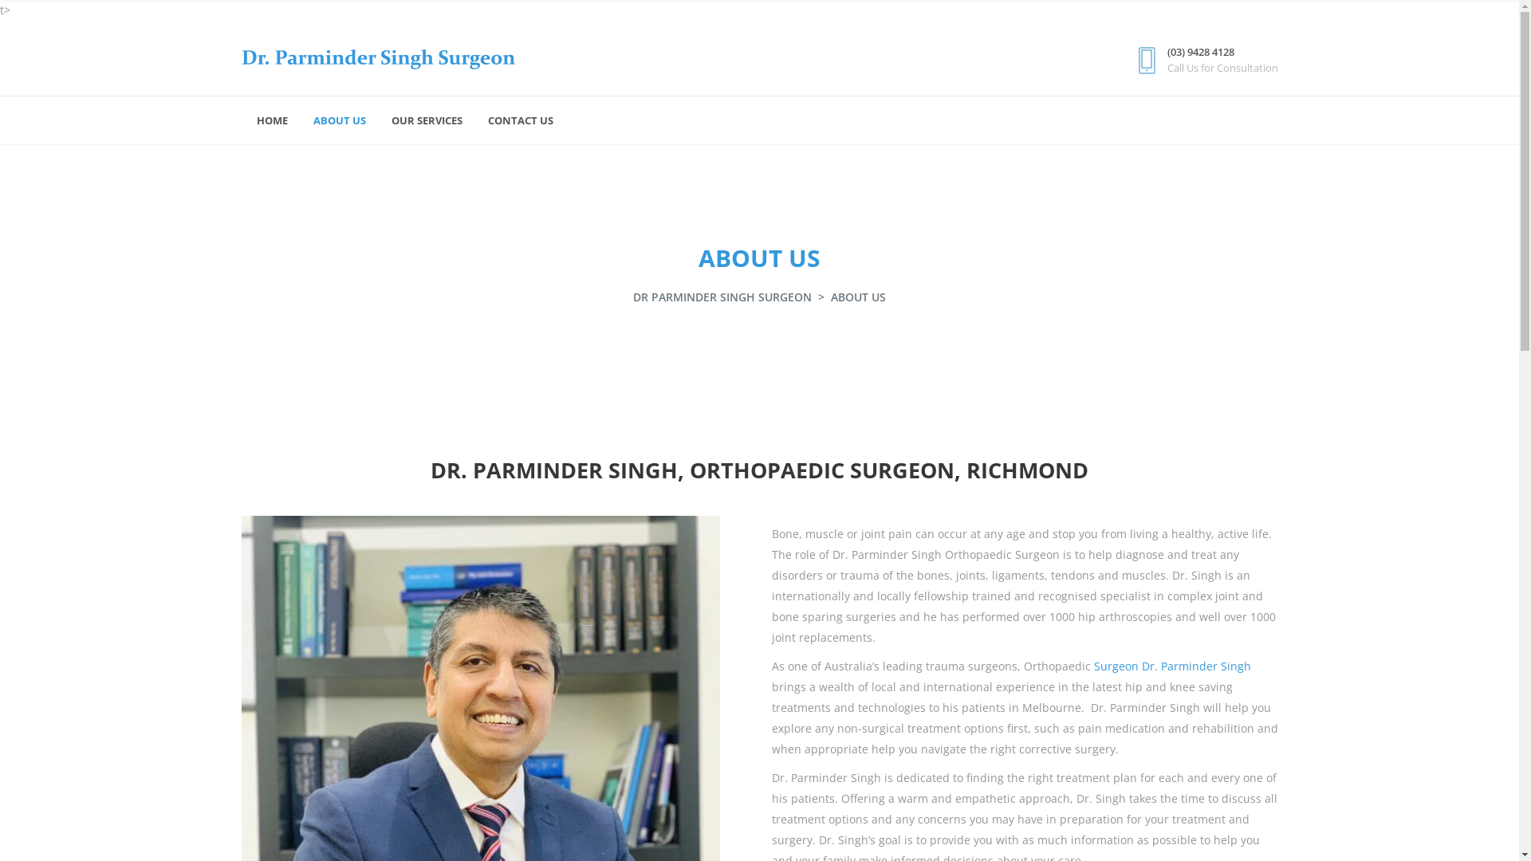  What do you see at coordinates (298, 119) in the screenshot?
I see `'ABOUT US'` at bounding box center [298, 119].